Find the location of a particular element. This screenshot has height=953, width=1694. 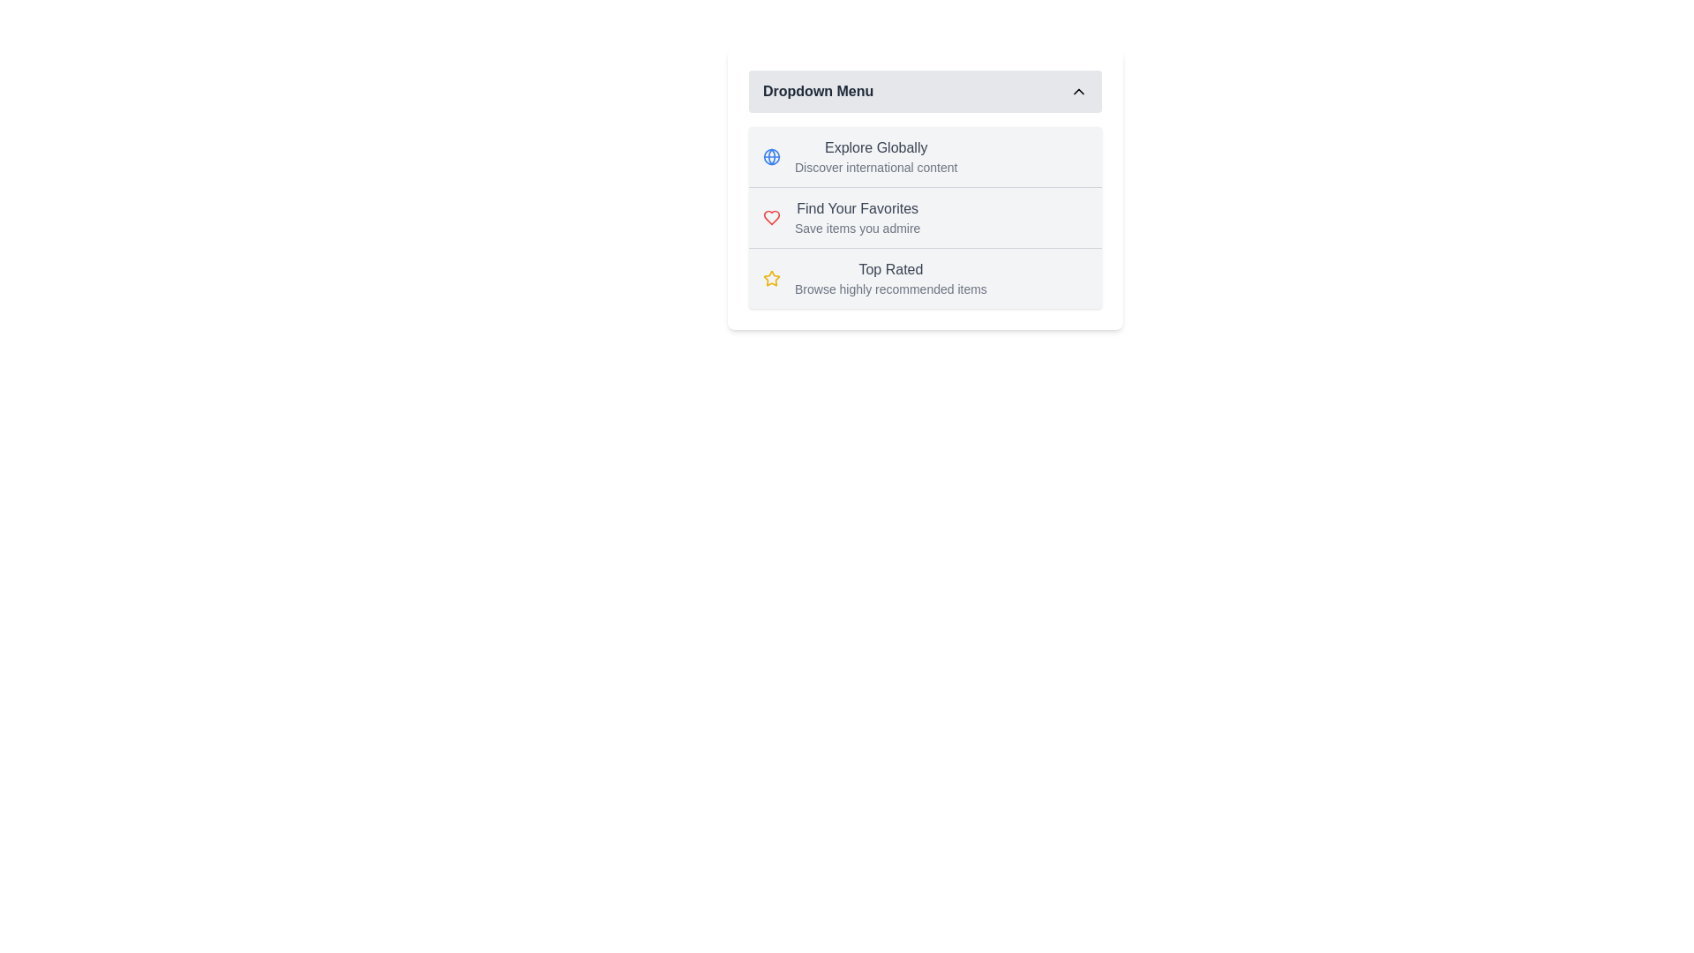

the 'Favorites' icon located to the left of the text 'Find Your Favorites' in the dropdown menu is located at coordinates (771, 216).